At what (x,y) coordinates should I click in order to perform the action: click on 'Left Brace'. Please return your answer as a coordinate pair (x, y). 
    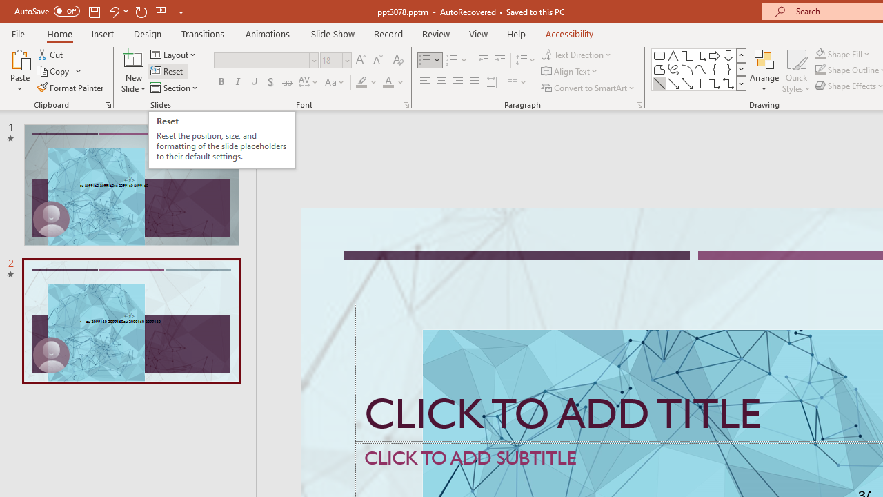
    Looking at the image, I should click on (715, 69).